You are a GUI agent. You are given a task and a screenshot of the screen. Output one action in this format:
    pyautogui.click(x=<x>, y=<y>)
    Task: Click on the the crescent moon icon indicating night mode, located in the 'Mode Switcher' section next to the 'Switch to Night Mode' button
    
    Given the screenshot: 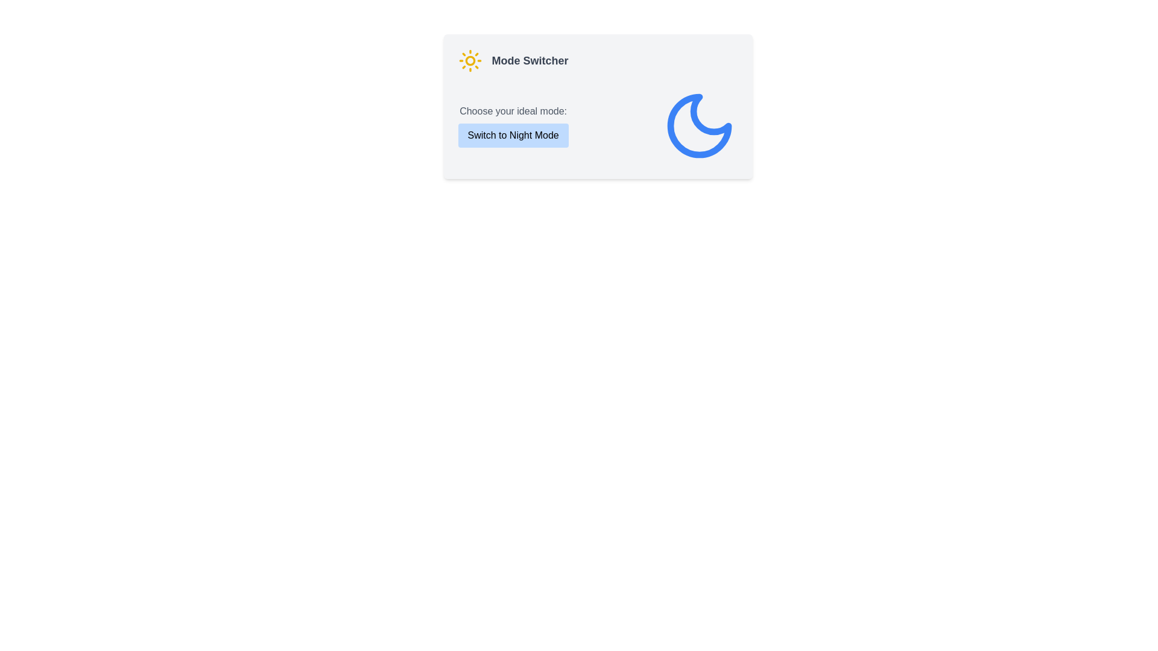 What is the action you would take?
    pyautogui.click(x=699, y=125)
    